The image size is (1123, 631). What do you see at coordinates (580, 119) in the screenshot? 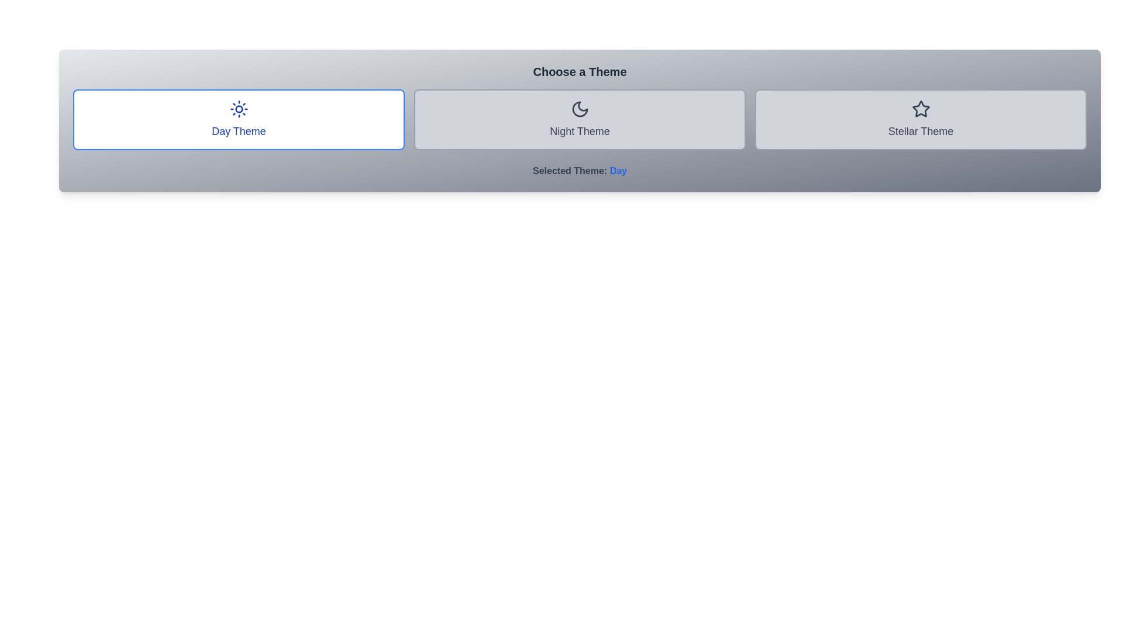
I see `the theme button corresponding to Night Theme` at bounding box center [580, 119].